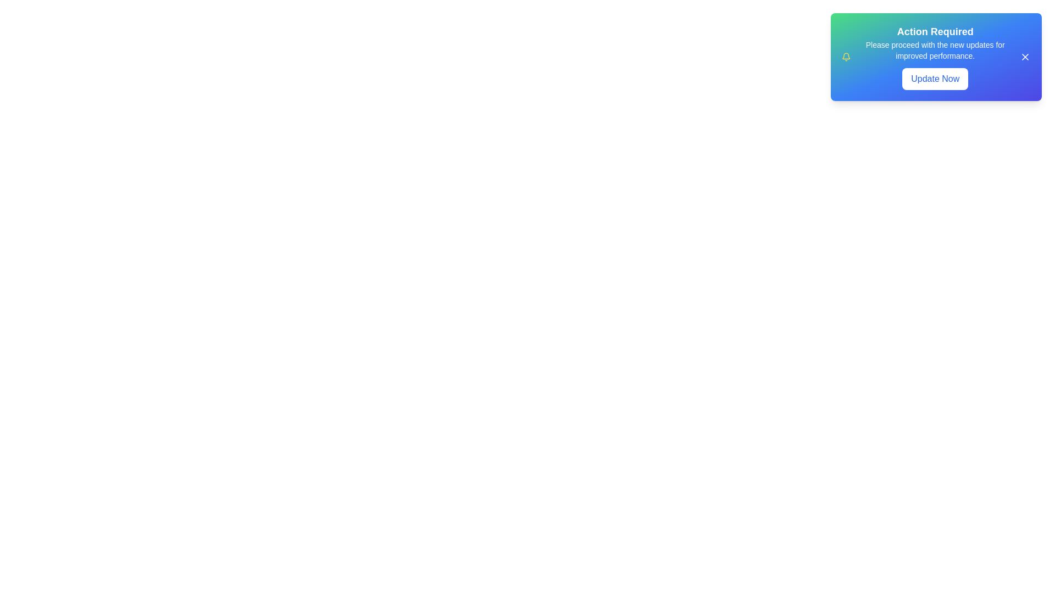 Image resolution: width=1055 pixels, height=593 pixels. I want to click on the 'Update Now' button to proceed with the update, so click(935, 78).